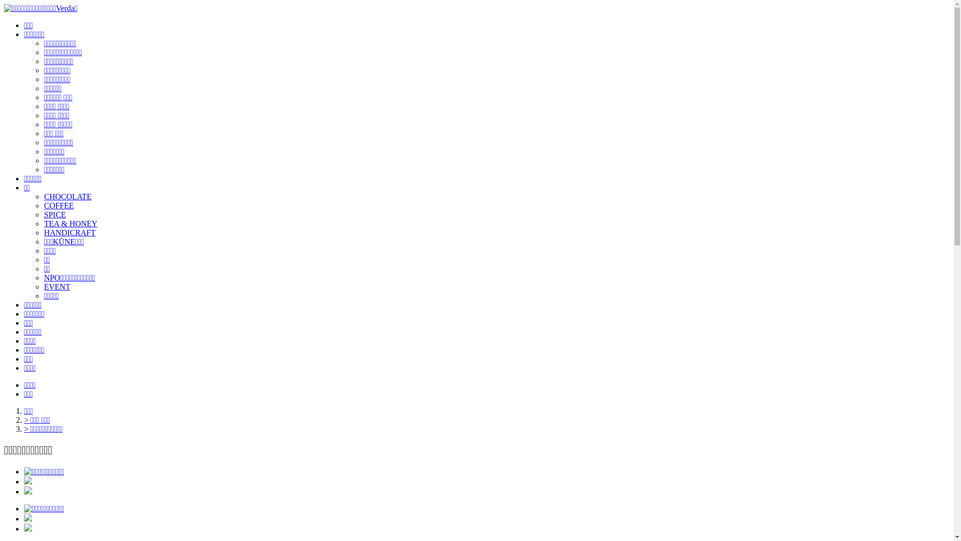 This screenshot has height=541, width=961. Describe the element at coordinates (55, 214) in the screenshot. I see `'SPICE'` at that location.